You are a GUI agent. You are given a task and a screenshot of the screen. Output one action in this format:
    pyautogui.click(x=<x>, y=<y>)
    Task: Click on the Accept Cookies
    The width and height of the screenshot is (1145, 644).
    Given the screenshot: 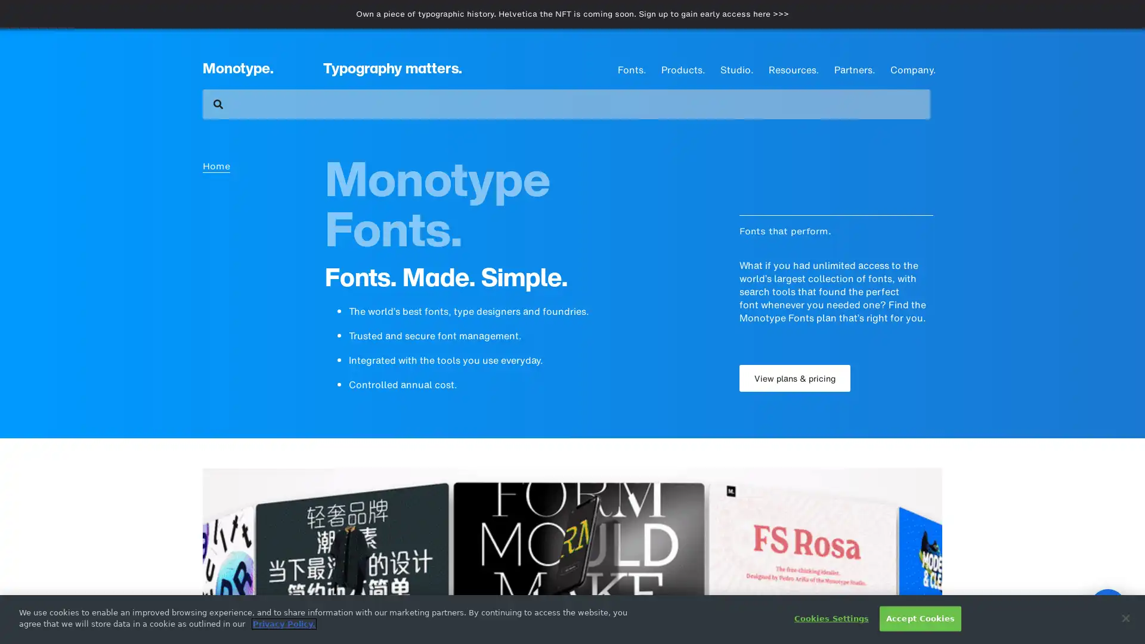 What is the action you would take?
    pyautogui.click(x=919, y=618)
    